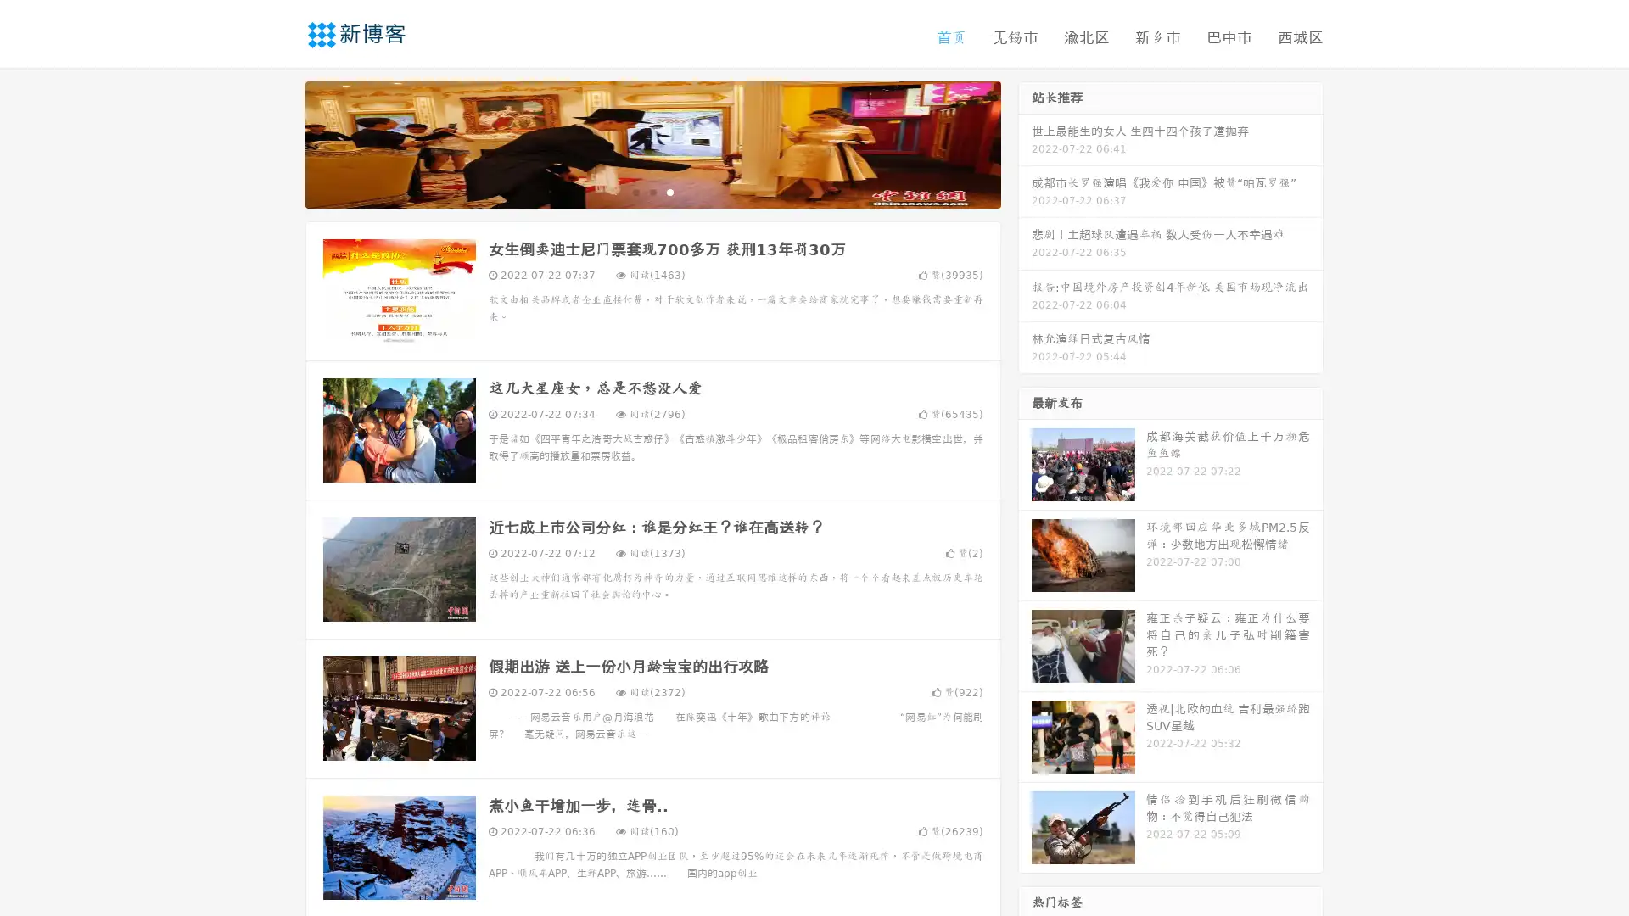 The image size is (1629, 916). I want to click on Previous slide, so click(280, 142).